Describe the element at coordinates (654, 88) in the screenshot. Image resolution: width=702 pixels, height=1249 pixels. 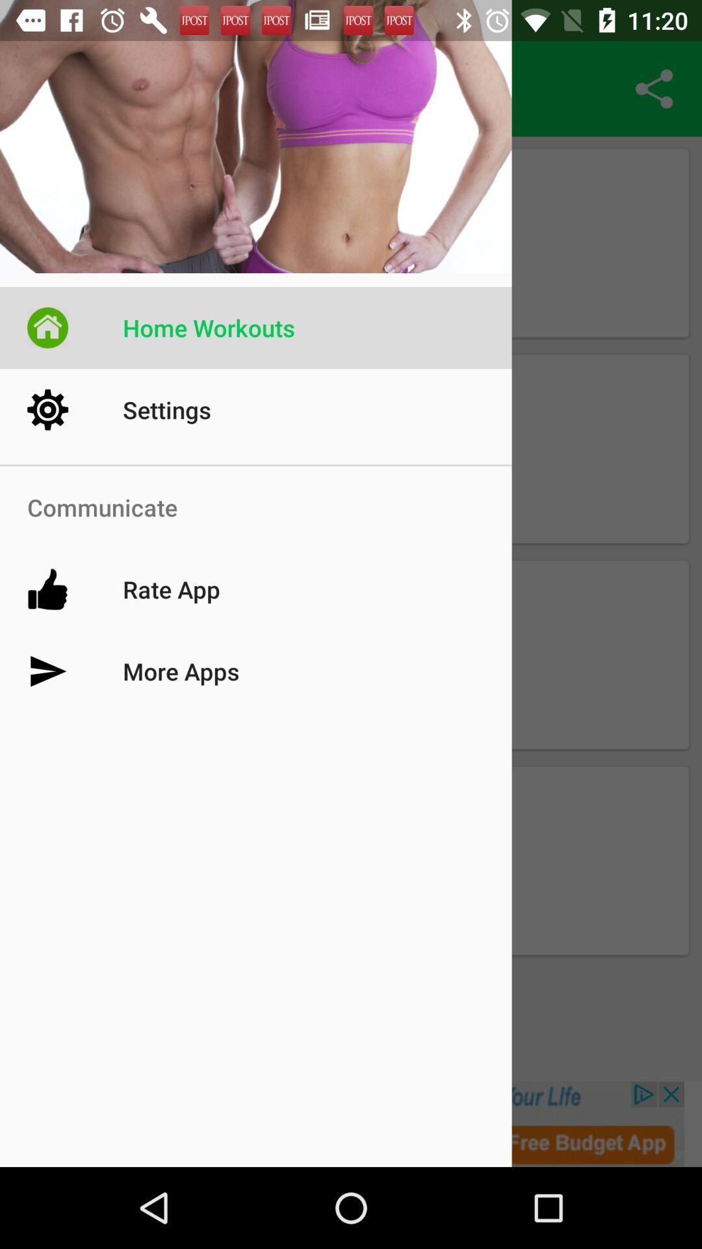
I see `the share option` at that location.